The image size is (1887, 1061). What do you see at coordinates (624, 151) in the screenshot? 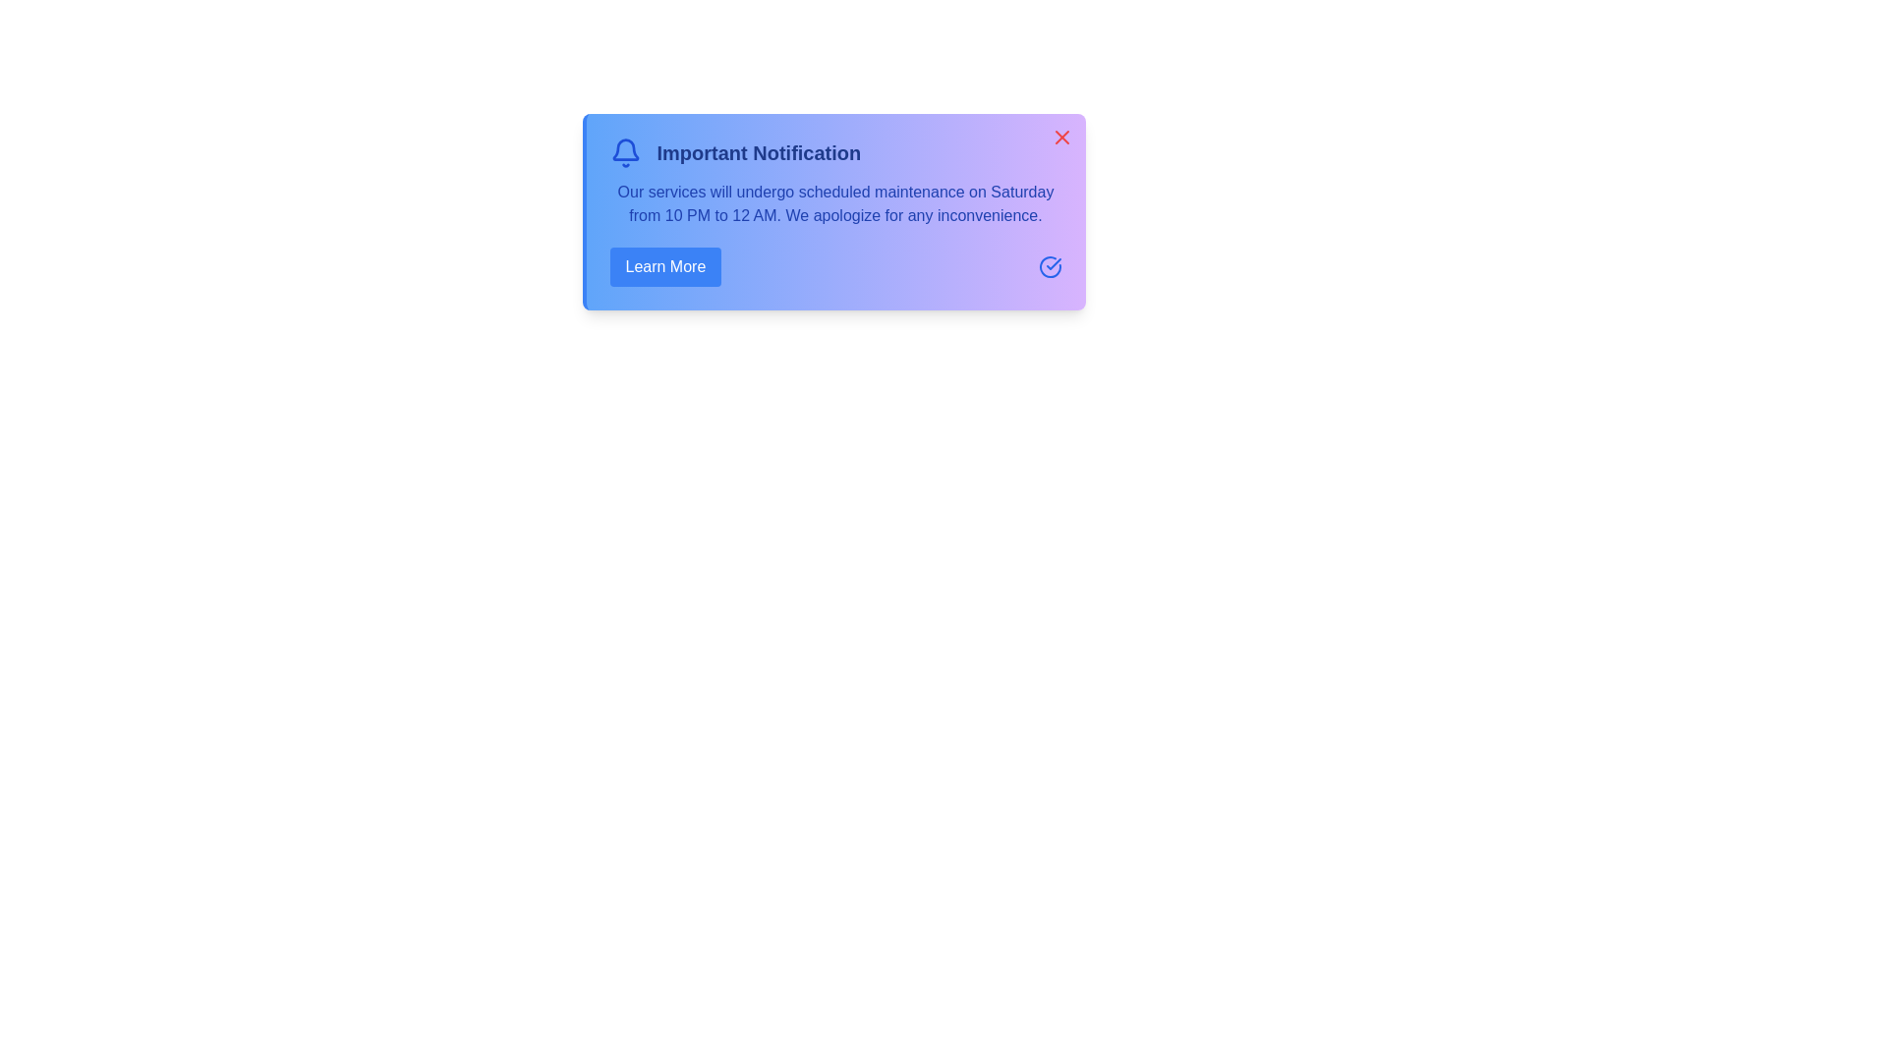
I see `the notification icon by moving the cursor to its center` at bounding box center [624, 151].